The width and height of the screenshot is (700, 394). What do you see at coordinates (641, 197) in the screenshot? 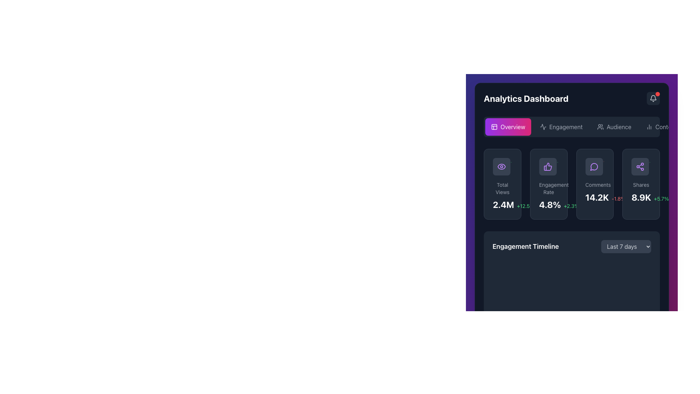
I see `the prominently styled static text element displaying '8.9K' in bold, large white font located in the fourth column titled 'Shares' on the dashboard interface` at bounding box center [641, 197].